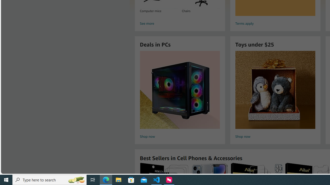 The image size is (330, 185). I want to click on 'Toys under $25 Shop now', so click(275, 95).